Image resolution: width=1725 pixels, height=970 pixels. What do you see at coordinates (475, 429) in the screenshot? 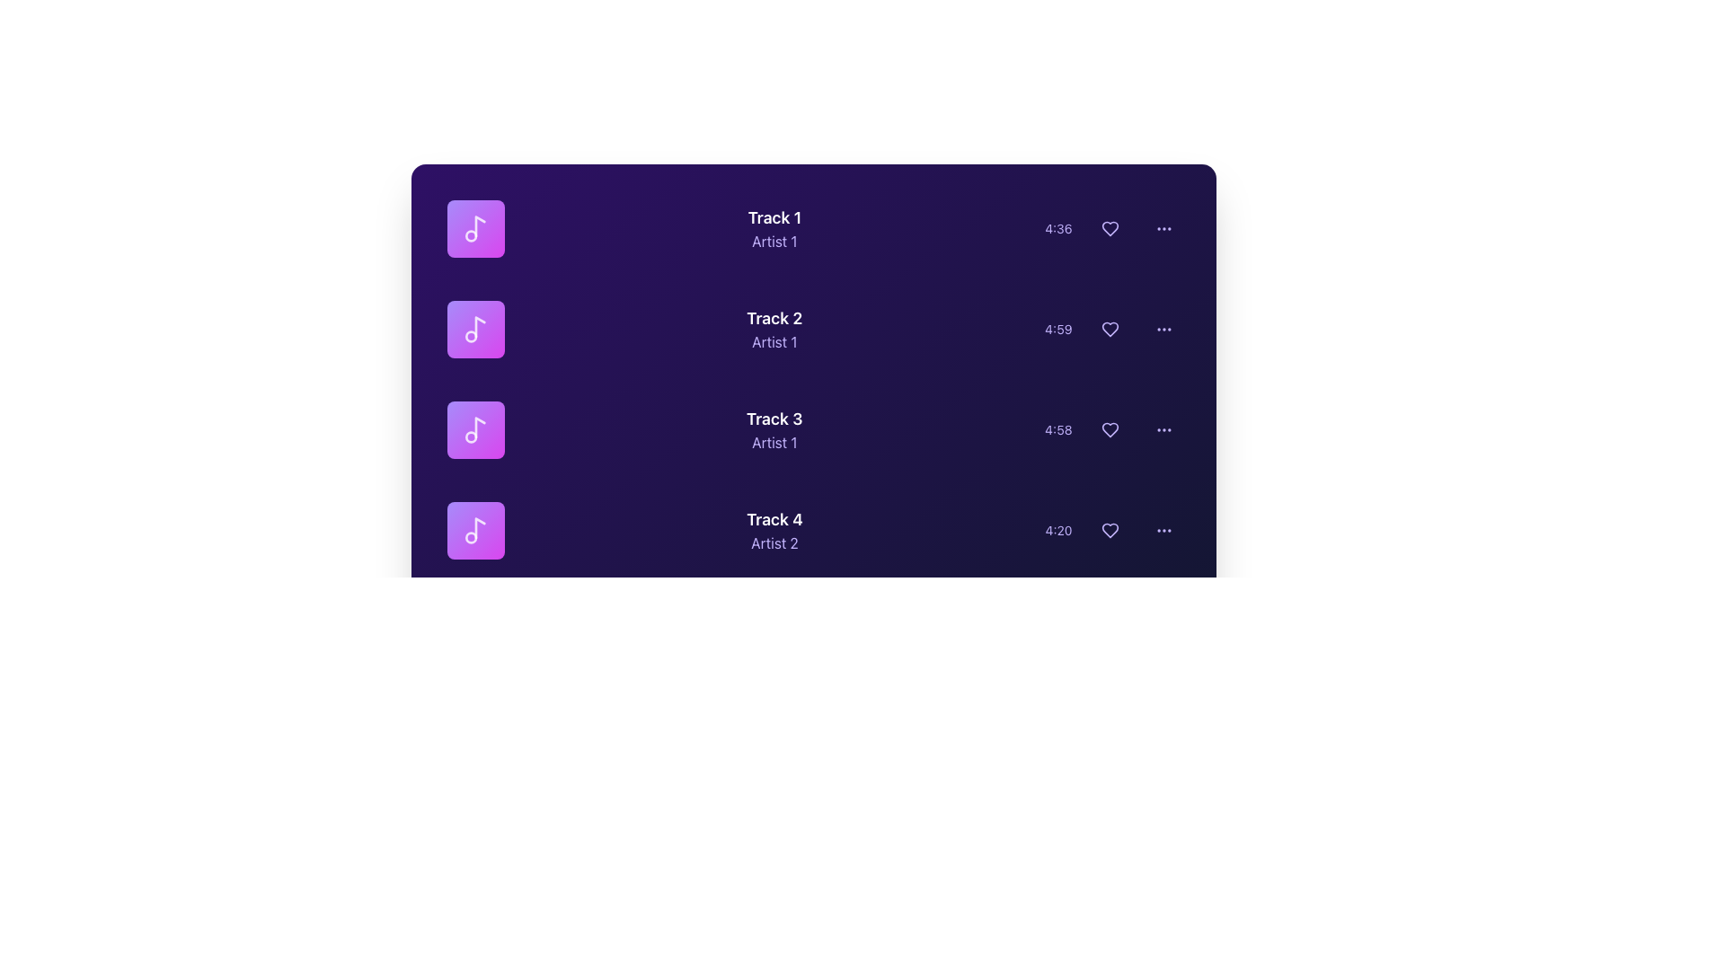
I see `the third music note icon in the vertical list` at bounding box center [475, 429].